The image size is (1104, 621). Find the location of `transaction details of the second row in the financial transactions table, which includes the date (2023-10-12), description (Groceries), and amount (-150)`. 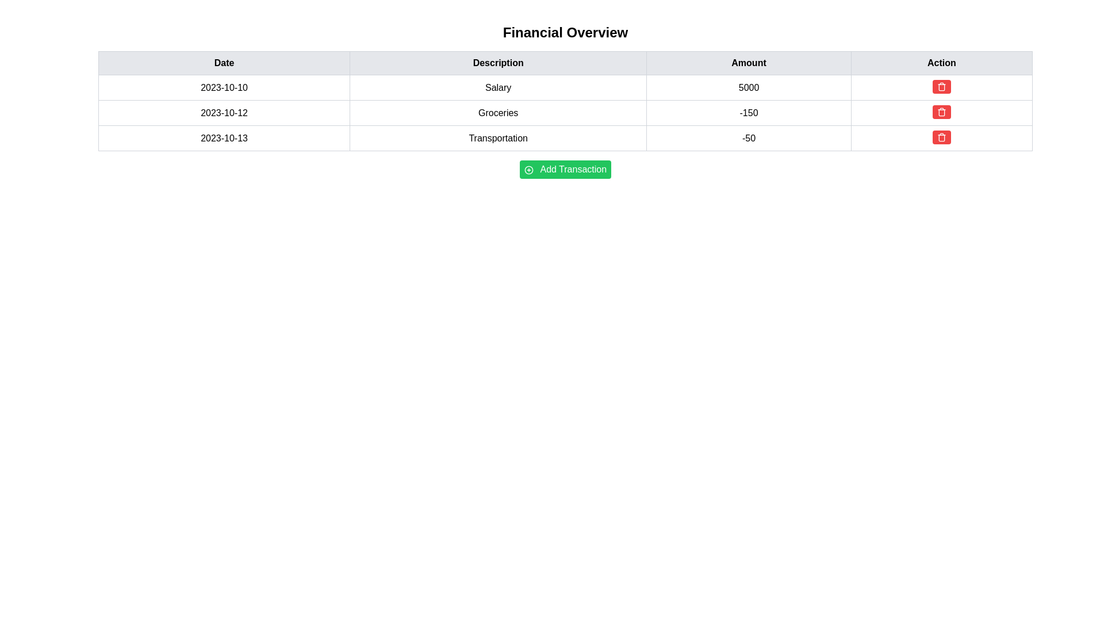

transaction details of the second row in the financial transactions table, which includes the date (2023-10-12), description (Groceries), and amount (-150) is located at coordinates (565, 113).